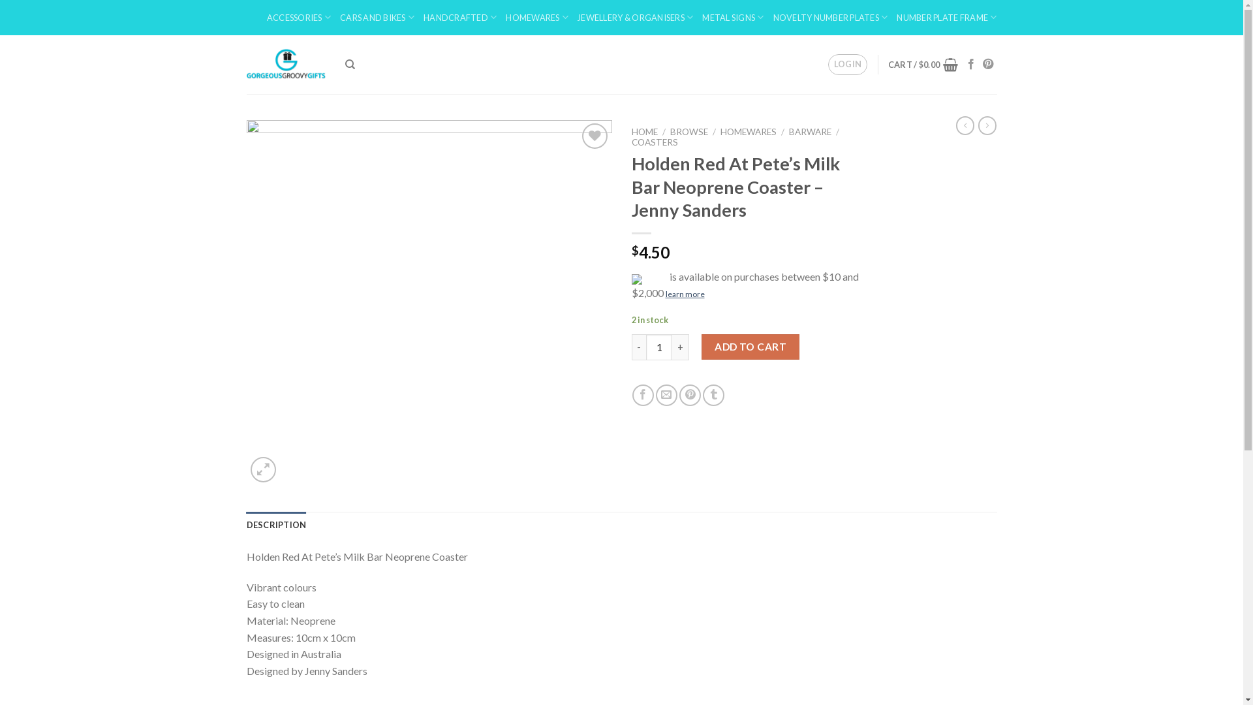 The width and height of the screenshot is (1253, 705). I want to click on 'HANDCRAFTED', so click(460, 18).